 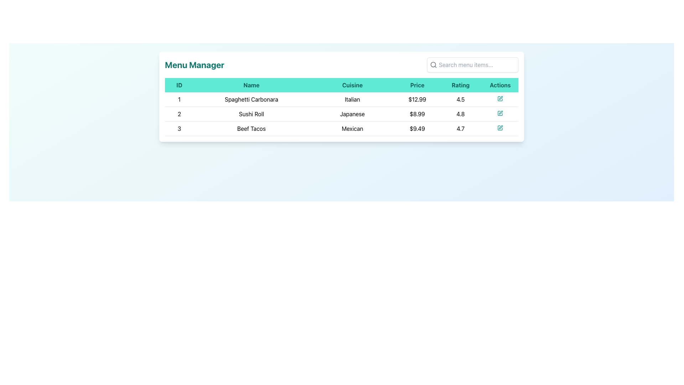 What do you see at coordinates (417, 85) in the screenshot?
I see `the 'Price' text label element which is a bold label in a header row with a teal background, positioned between 'Cuisine' and 'Rating'` at bounding box center [417, 85].